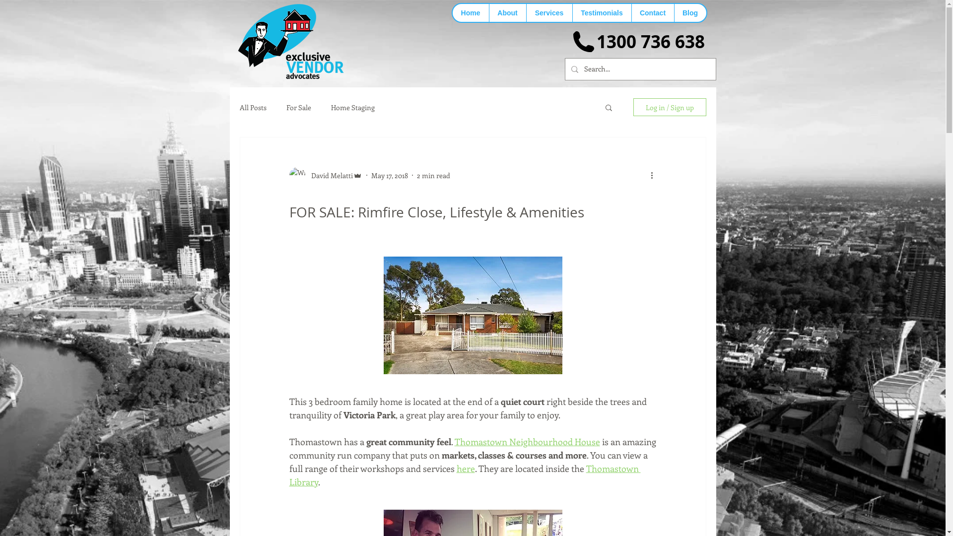  I want to click on 'Thomastown Neighbourhood House', so click(527, 441).